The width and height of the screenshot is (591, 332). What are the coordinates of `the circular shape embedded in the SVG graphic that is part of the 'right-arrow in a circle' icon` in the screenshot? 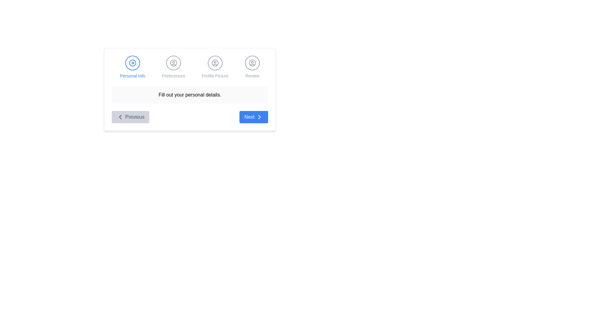 It's located at (132, 63).